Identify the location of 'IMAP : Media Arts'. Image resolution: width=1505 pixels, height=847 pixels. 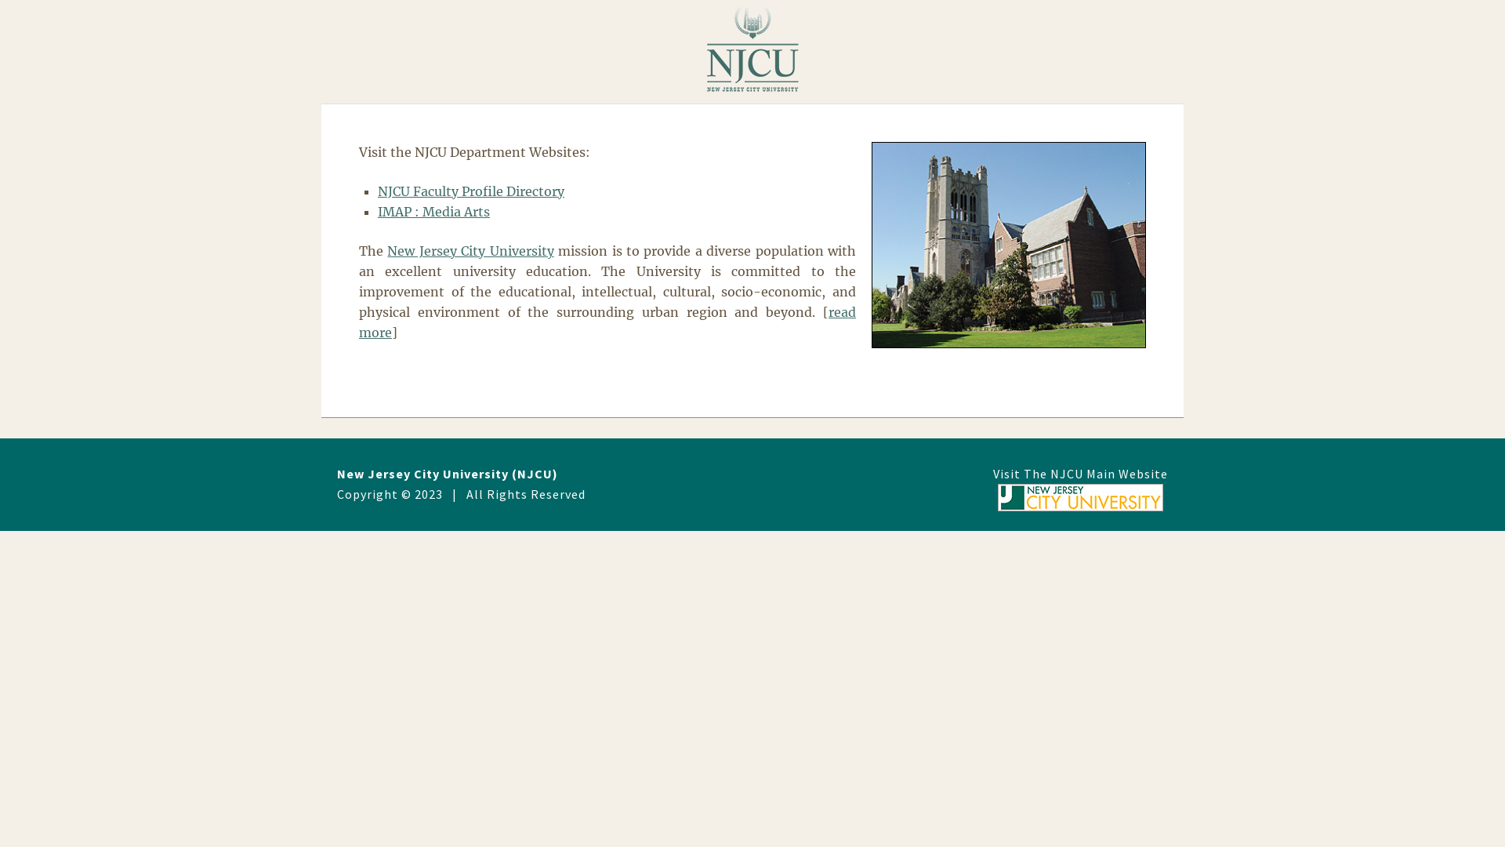
(433, 212).